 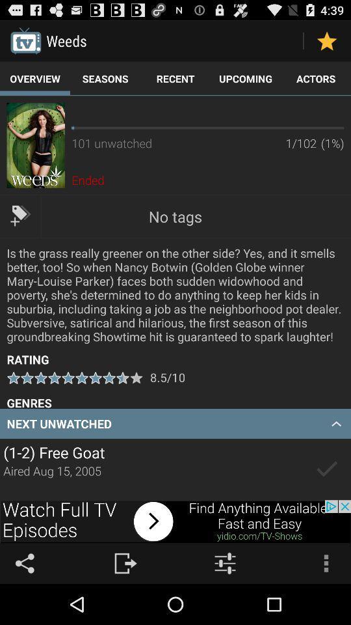 What do you see at coordinates (36, 145) in the screenshot?
I see `see more about weeds` at bounding box center [36, 145].